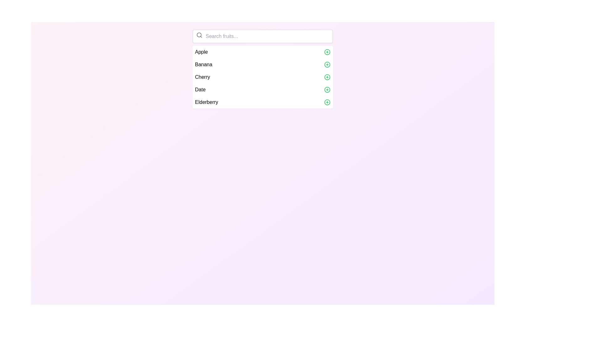  Describe the element at coordinates (327, 64) in the screenshot. I see `the circular 'add' button located to the far right of the row labeled 'Banana'` at that location.